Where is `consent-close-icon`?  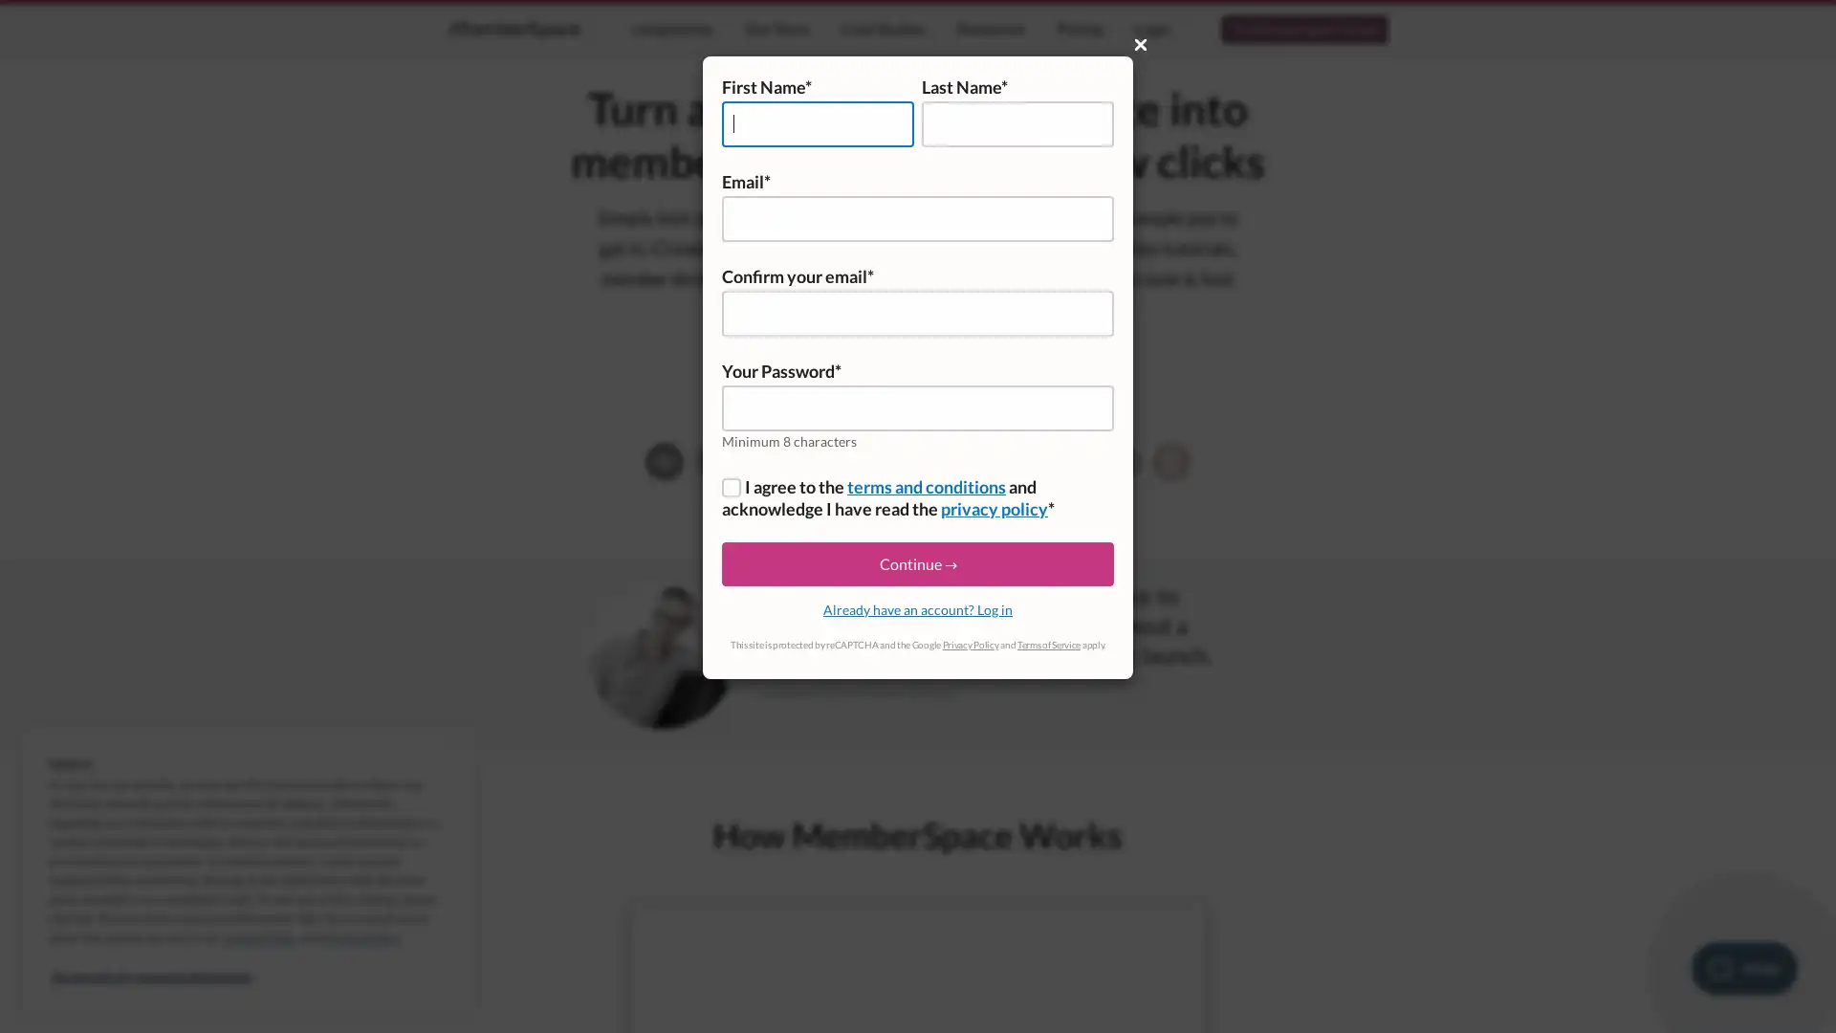
consent-close-icon is located at coordinates (450, 744).